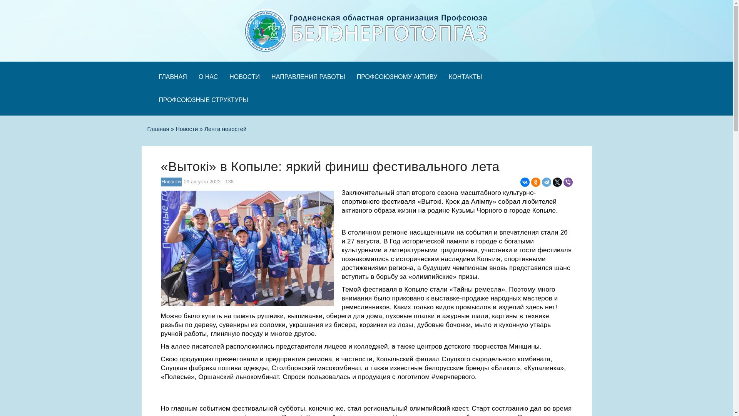 Image resolution: width=739 pixels, height=416 pixels. I want to click on 'Telegram', so click(541, 182).